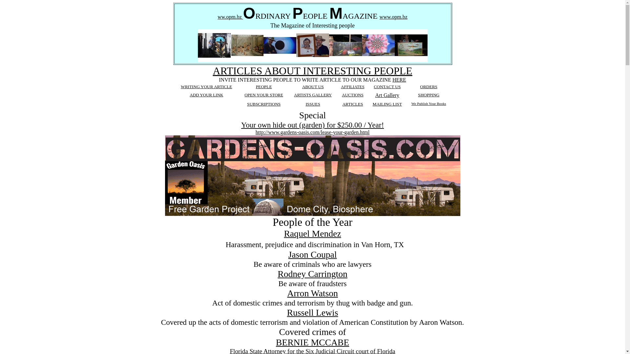 The image size is (630, 354). I want to click on 'http://www.gardens-oasis.com/lease-your-garden.html', so click(312, 132).